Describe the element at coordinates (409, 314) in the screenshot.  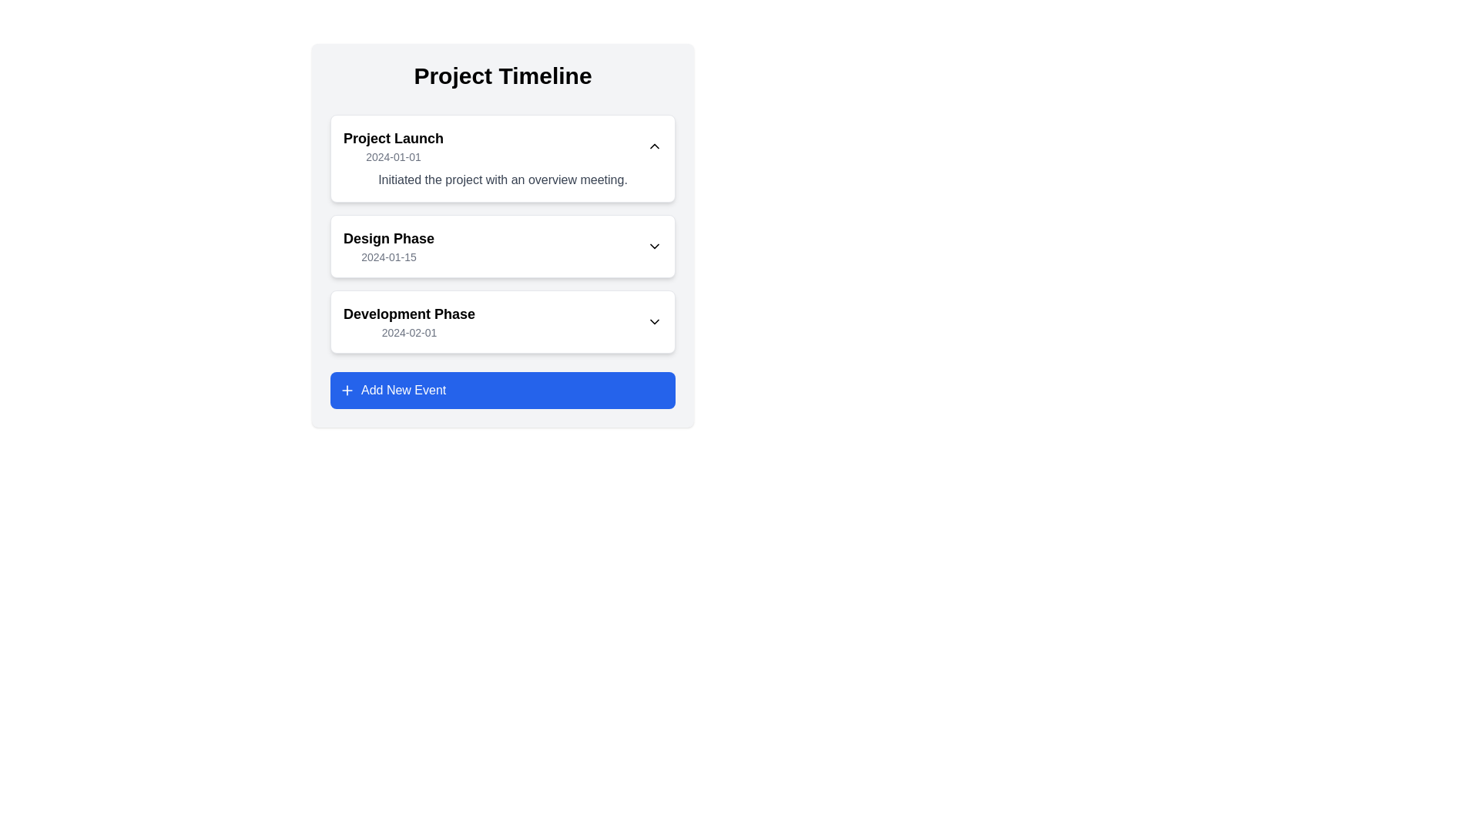
I see `the Static Text Label titled 'Development Phase' located in the third event card under the 'Project Timeline' section` at that location.